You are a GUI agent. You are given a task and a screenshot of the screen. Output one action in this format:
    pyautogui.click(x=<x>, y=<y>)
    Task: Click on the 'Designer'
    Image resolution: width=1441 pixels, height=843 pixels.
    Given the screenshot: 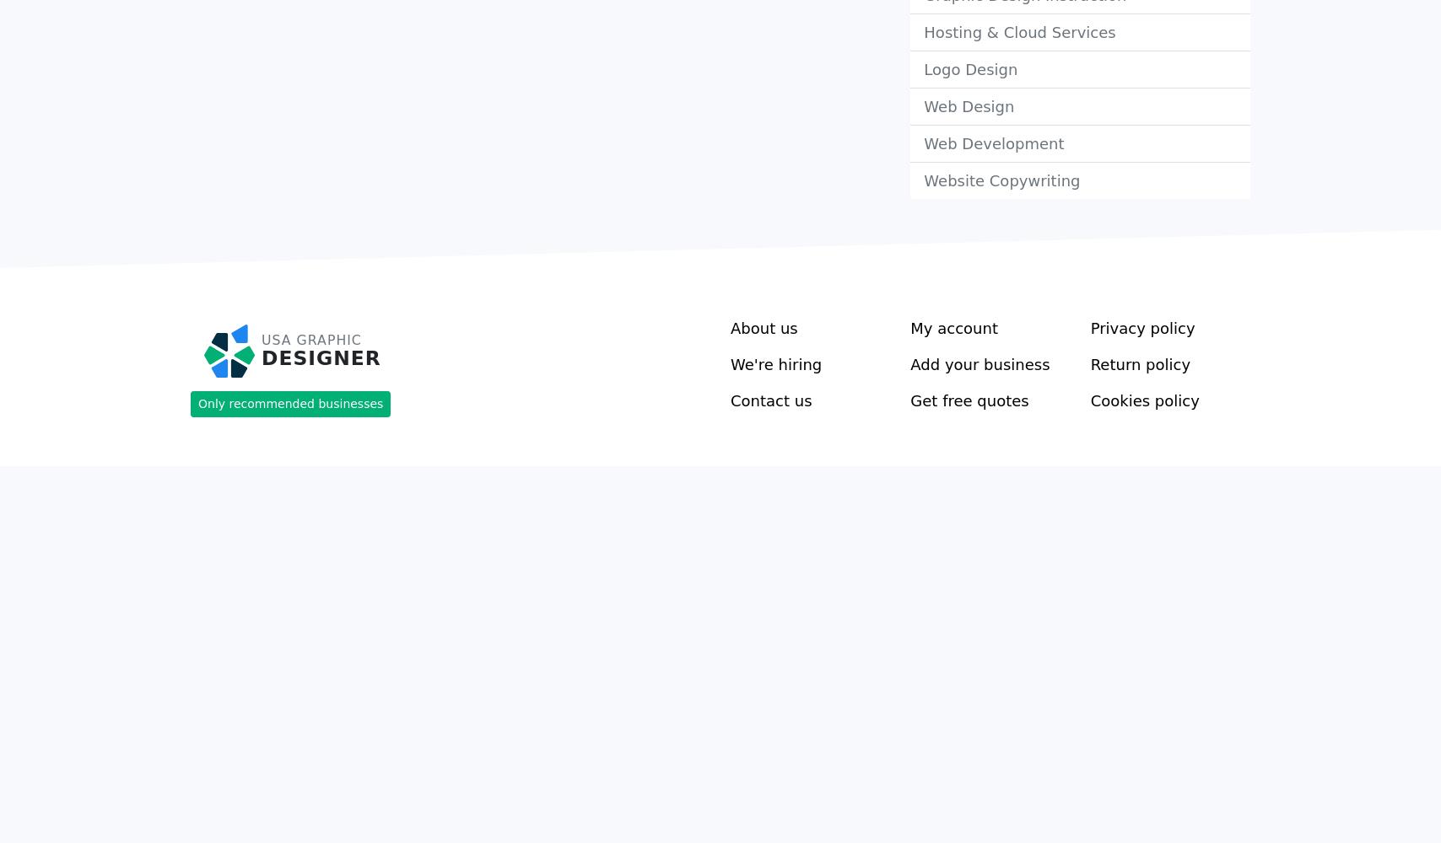 What is the action you would take?
    pyautogui.click(x=321, y=357)
    